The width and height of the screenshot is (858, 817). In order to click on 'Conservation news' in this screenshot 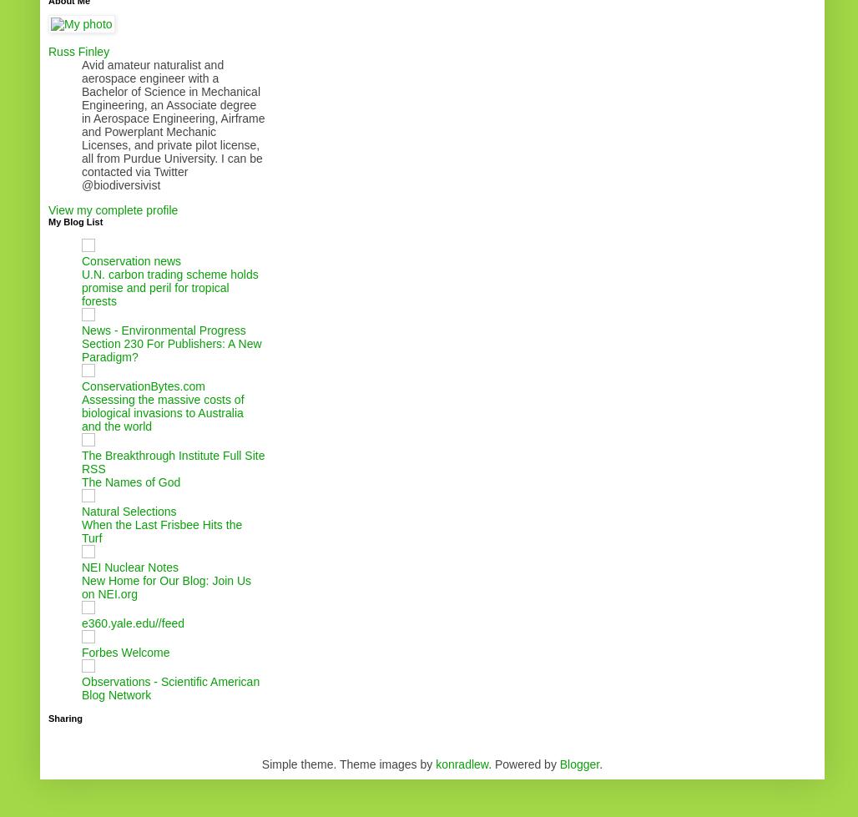, I will do `click(131, 260)`.